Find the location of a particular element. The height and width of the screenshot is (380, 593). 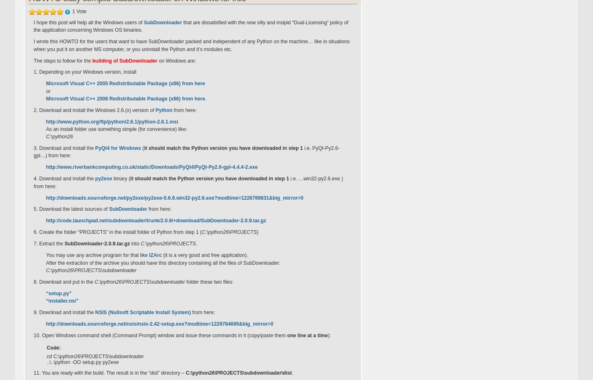

'IZArc' is located at coordinates (154, 254).